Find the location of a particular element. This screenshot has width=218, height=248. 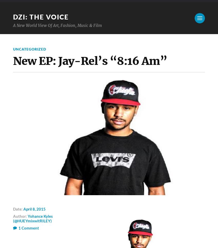

'1' is located at coordinates (19, 227).